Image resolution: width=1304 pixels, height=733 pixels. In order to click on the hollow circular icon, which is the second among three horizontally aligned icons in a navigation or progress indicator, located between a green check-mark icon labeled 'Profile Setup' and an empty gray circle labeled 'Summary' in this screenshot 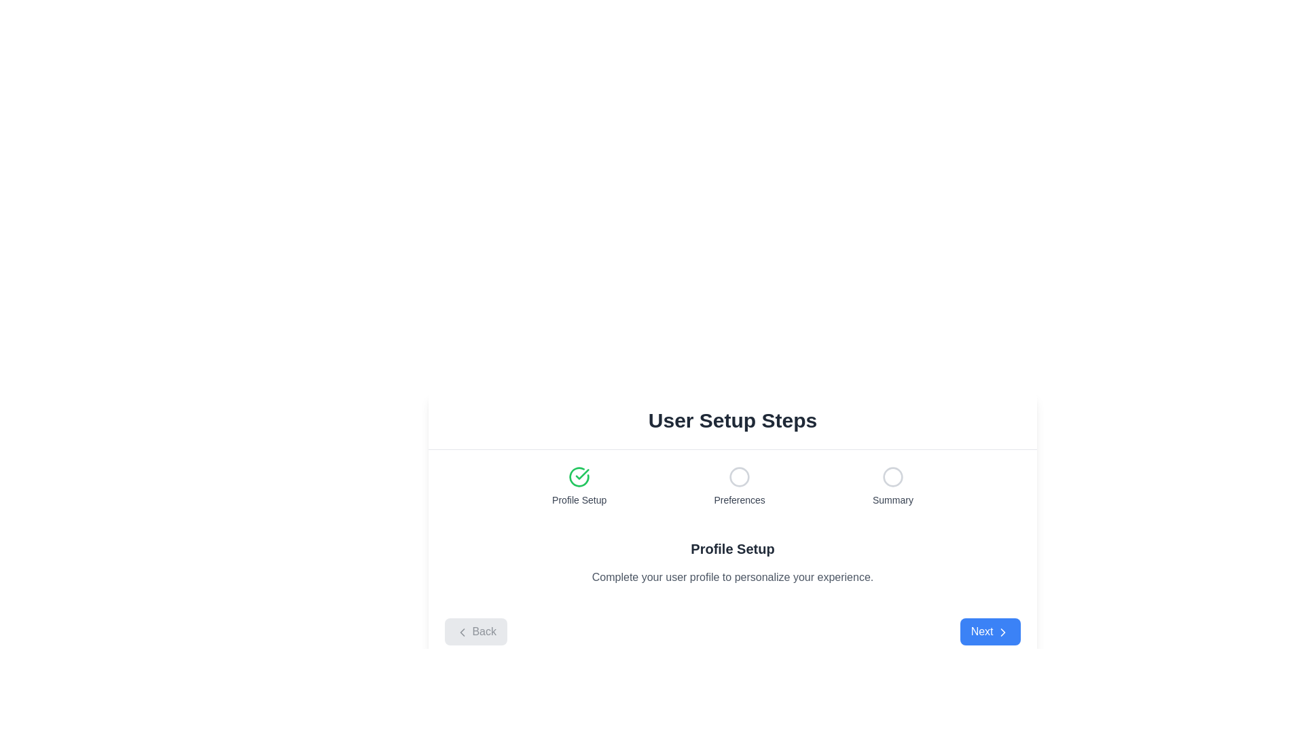, I will do `click(739, 476)`.